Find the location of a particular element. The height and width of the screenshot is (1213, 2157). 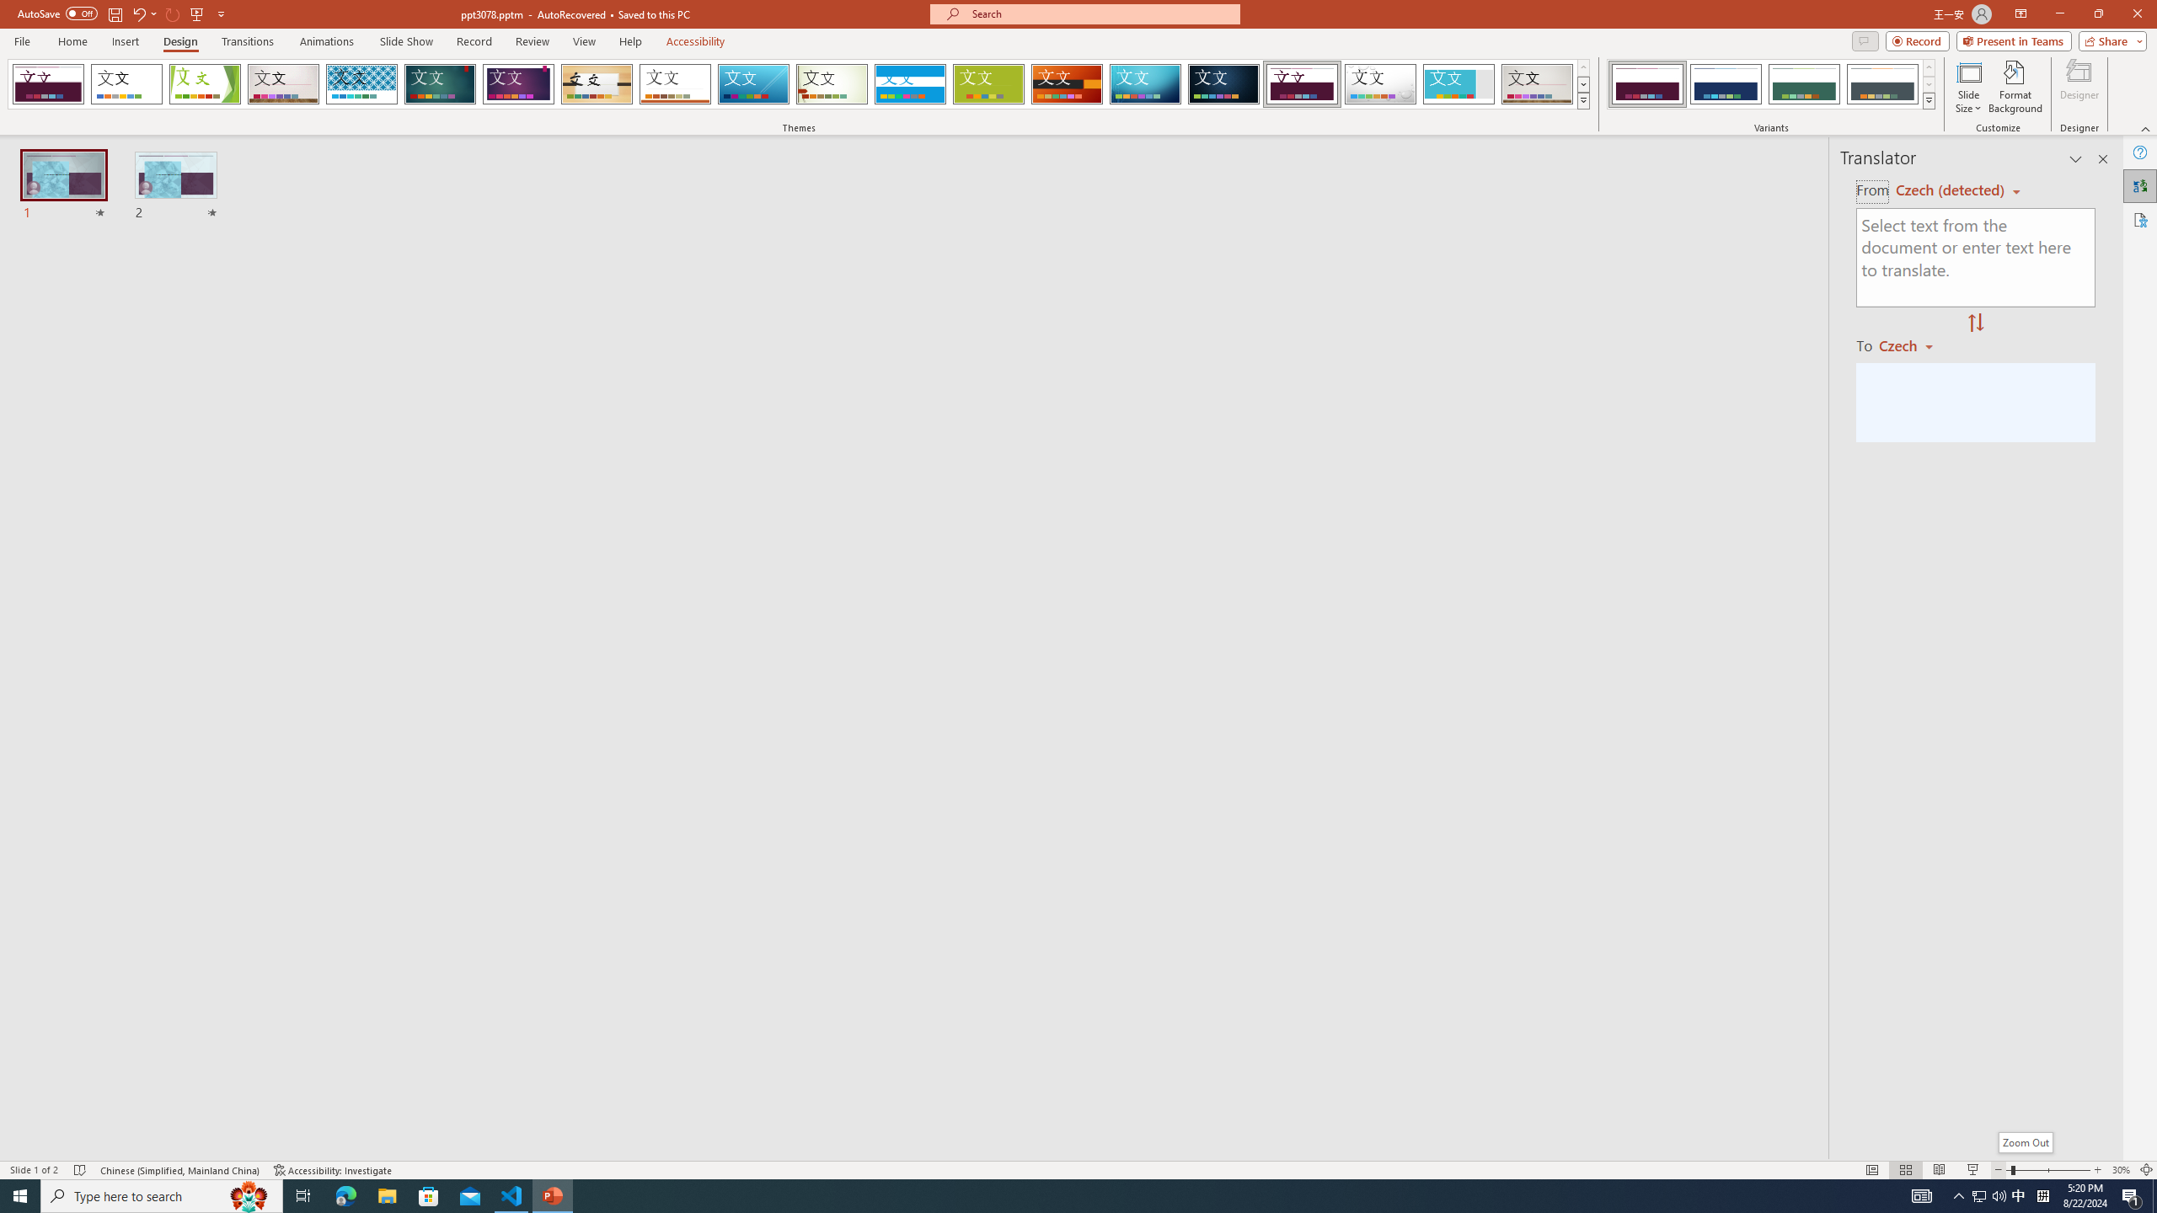

'Circuit' is located at coordinates (1144, 83).